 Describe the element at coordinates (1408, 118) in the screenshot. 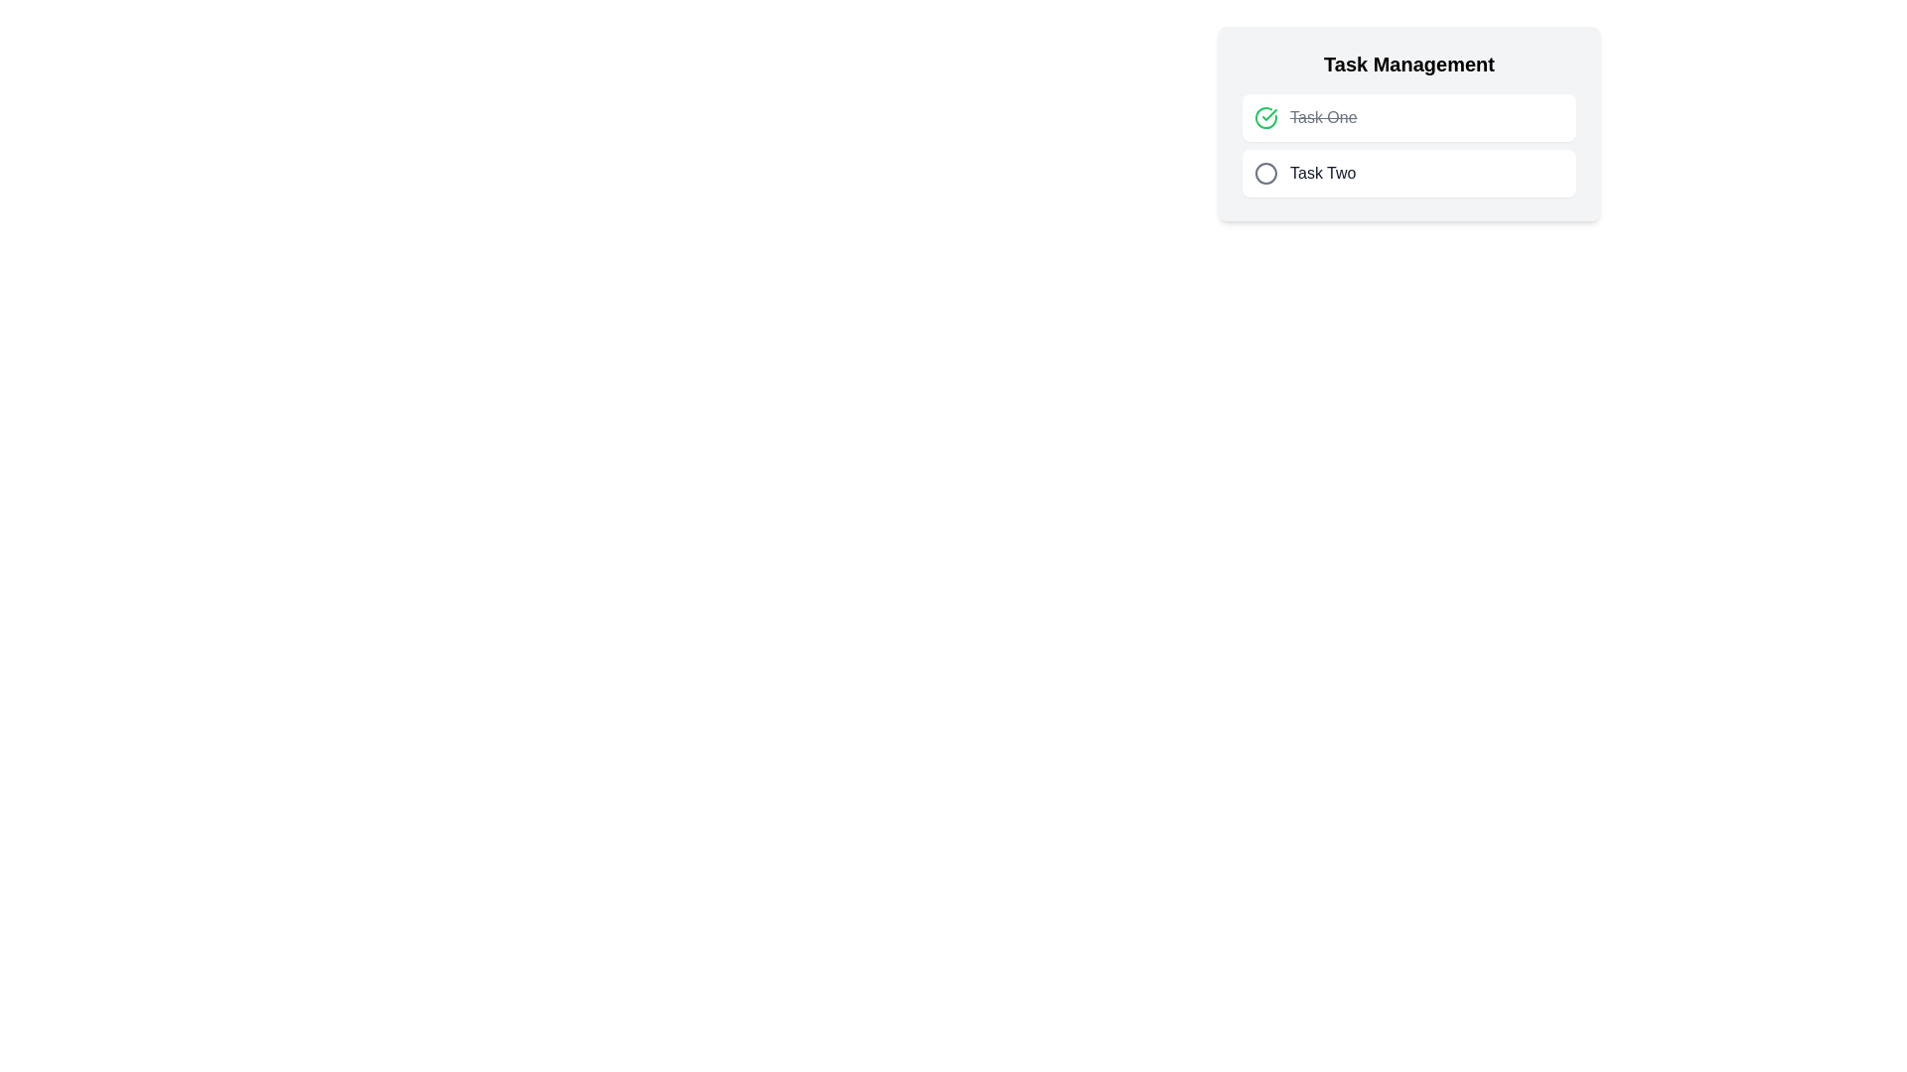

I see `the interactive task item labeled 'Task One' to mark or unmark its completion status` at that location.